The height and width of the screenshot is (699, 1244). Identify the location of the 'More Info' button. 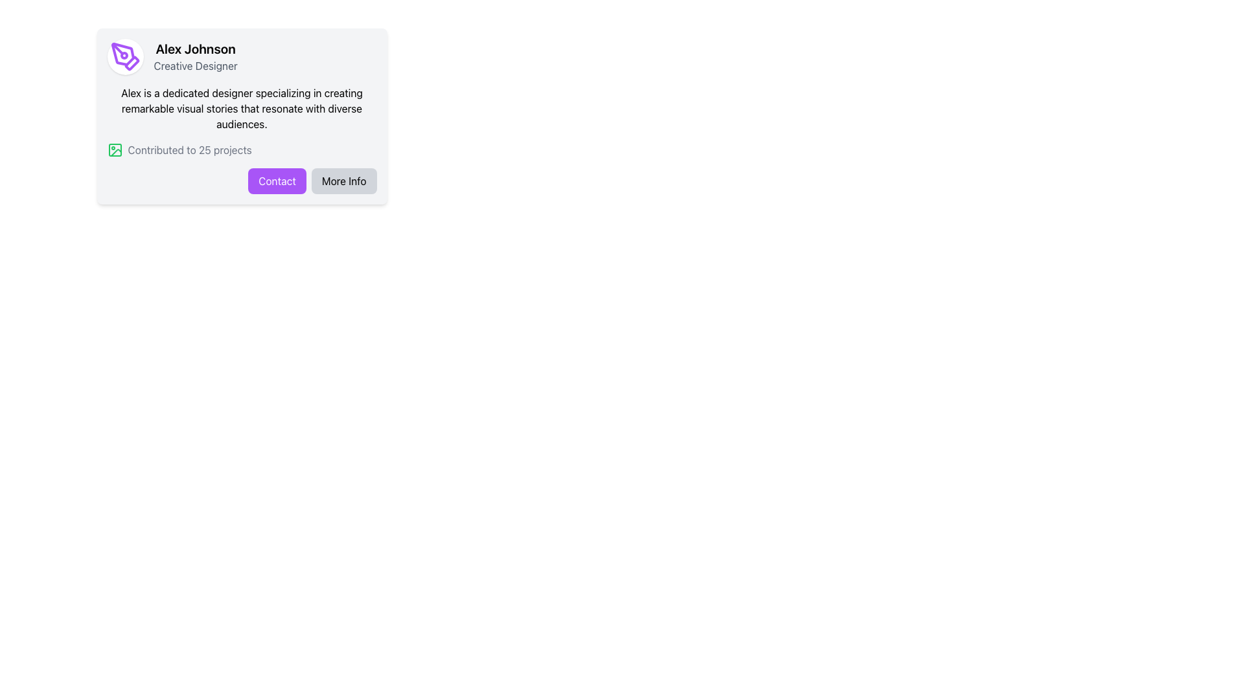
(344, 181).